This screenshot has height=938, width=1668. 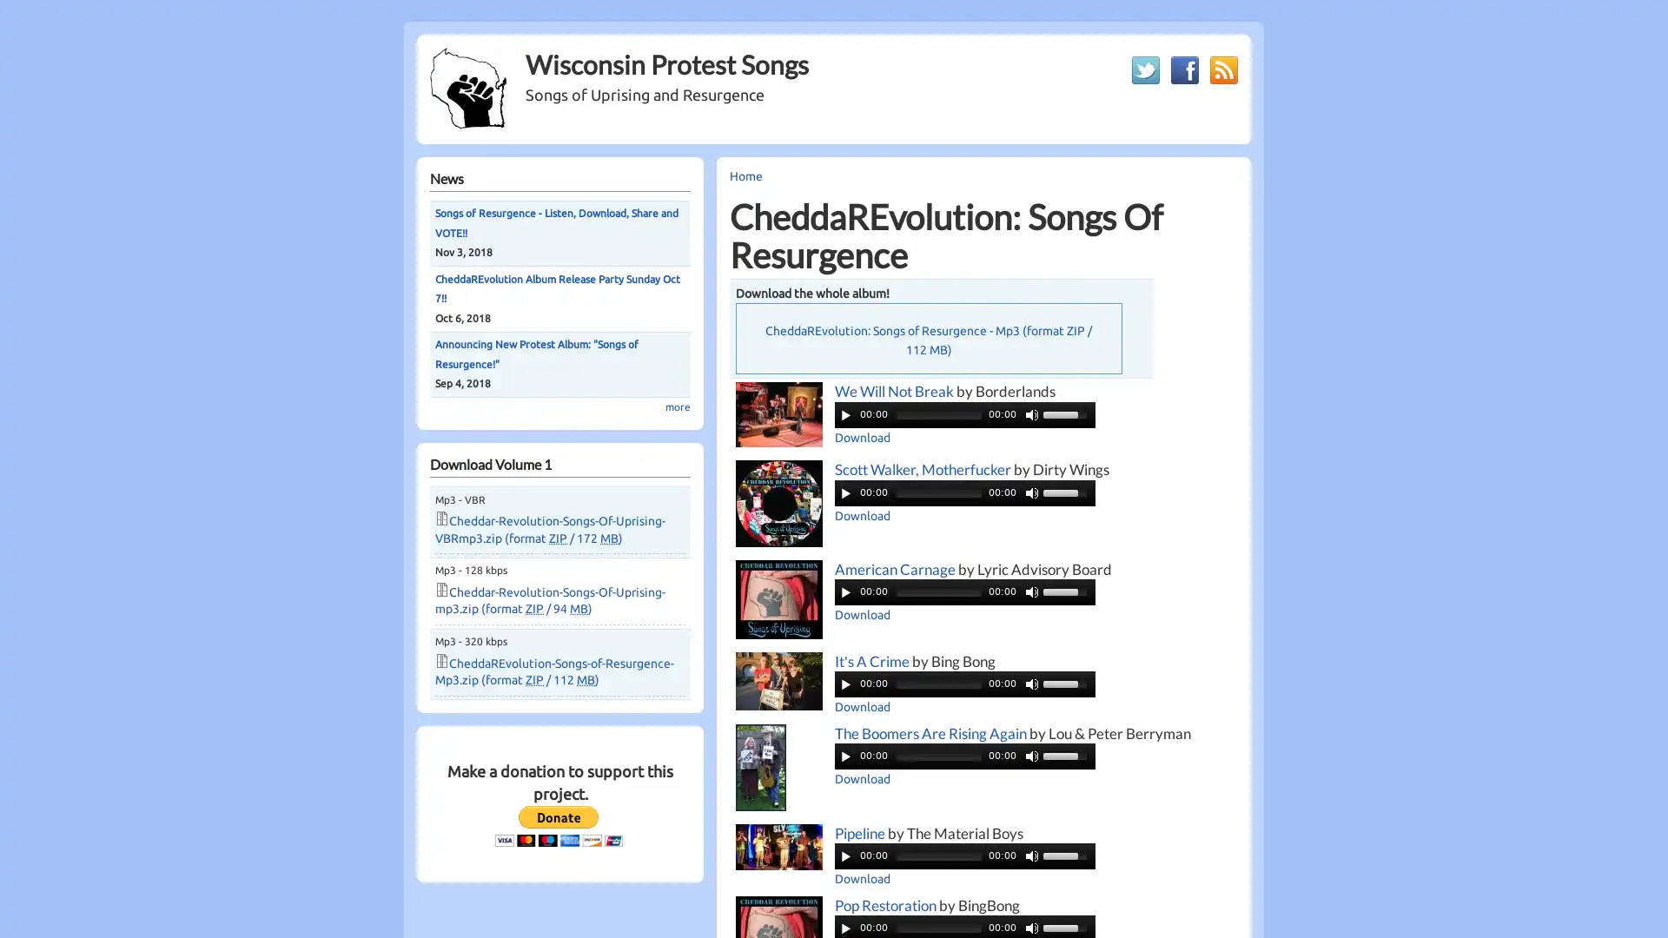 I want to click on Mute Toggle, so click(x=1032, y=683).